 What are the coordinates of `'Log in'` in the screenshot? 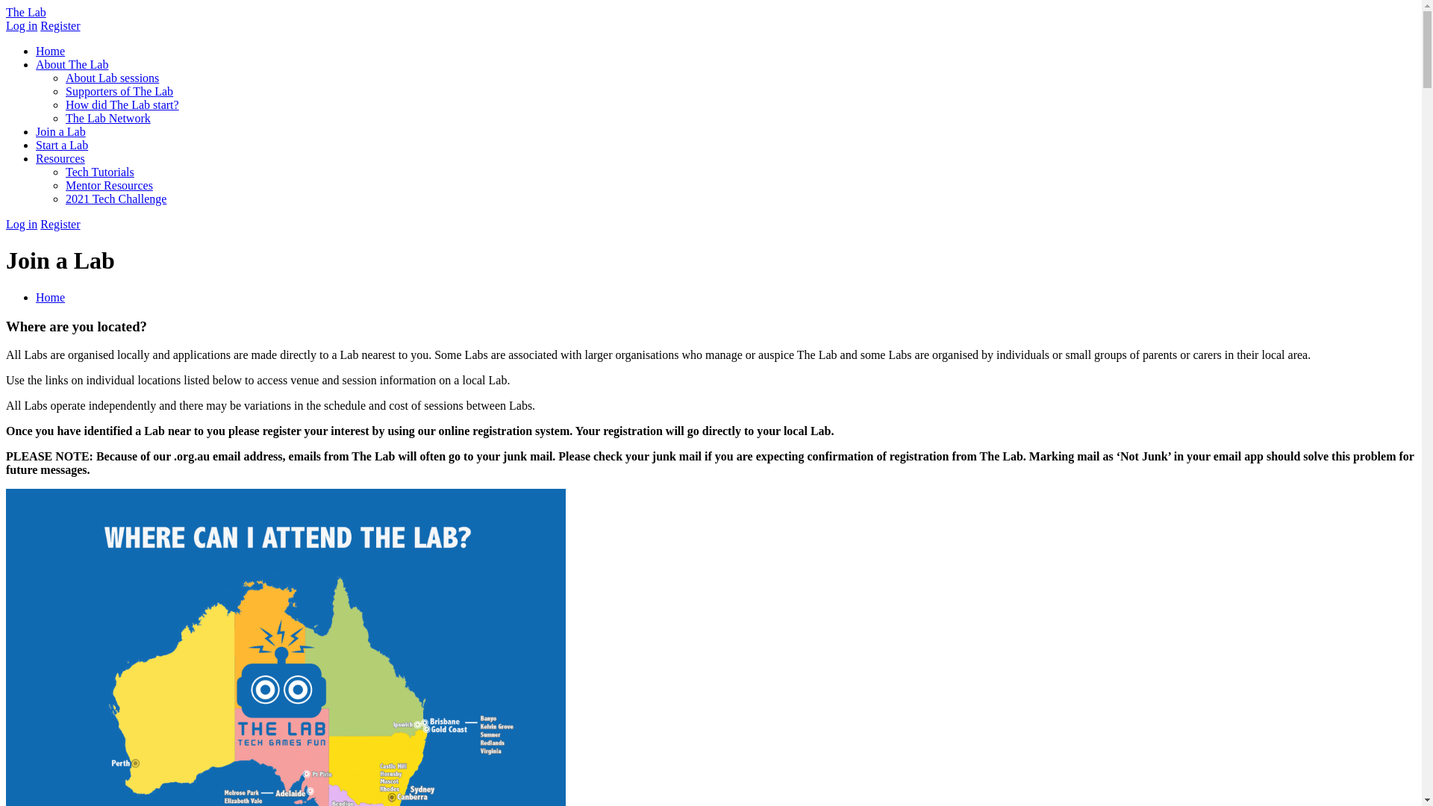 It's located at (21, 25).